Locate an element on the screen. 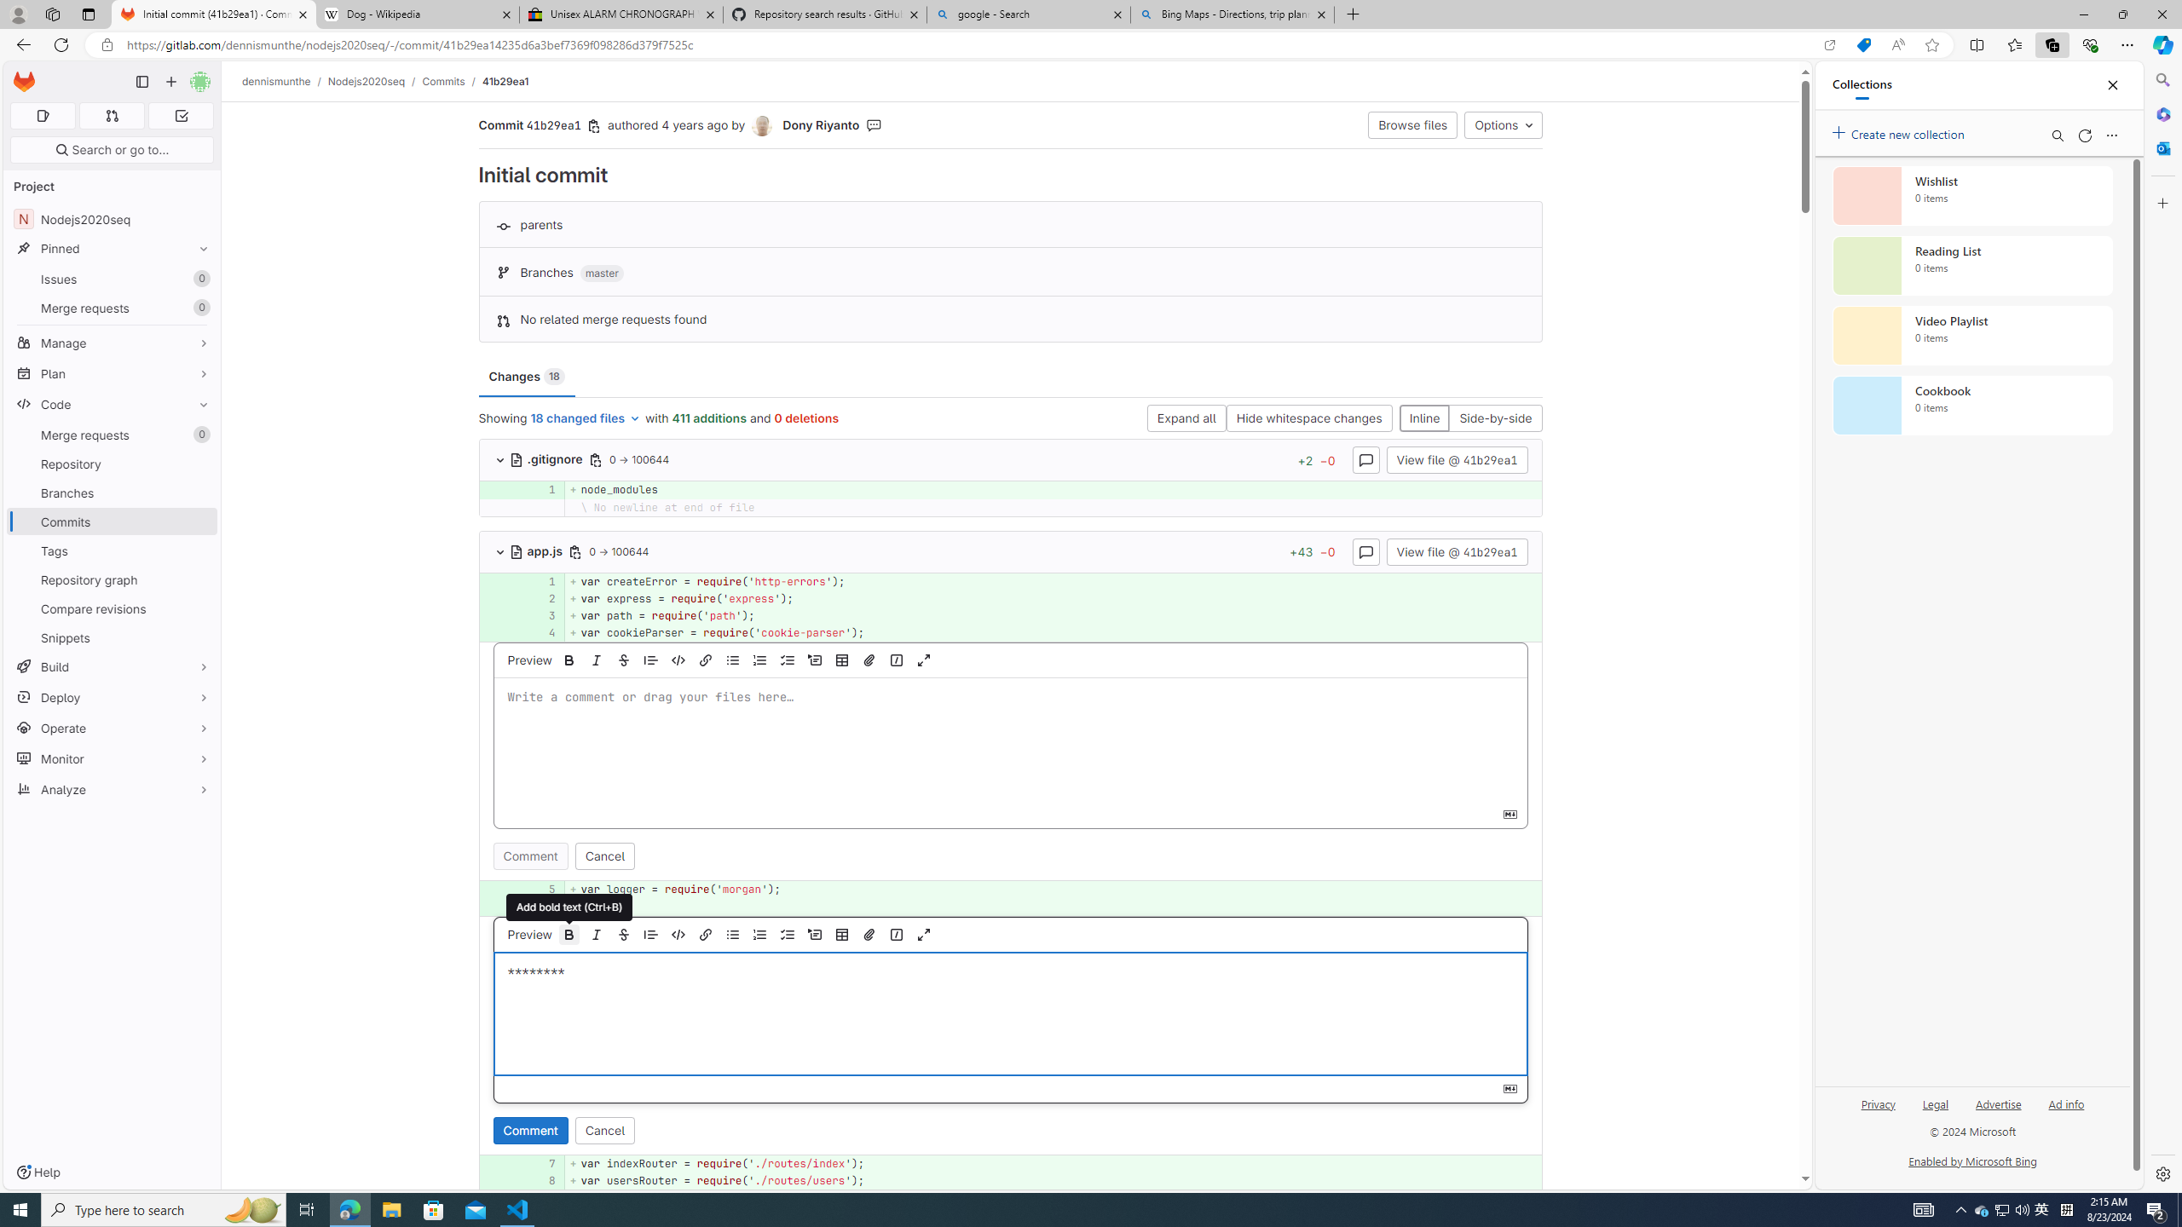 The height and width of the screenshot is (1227, 2182). '5' is located at coordinates (540, 889).